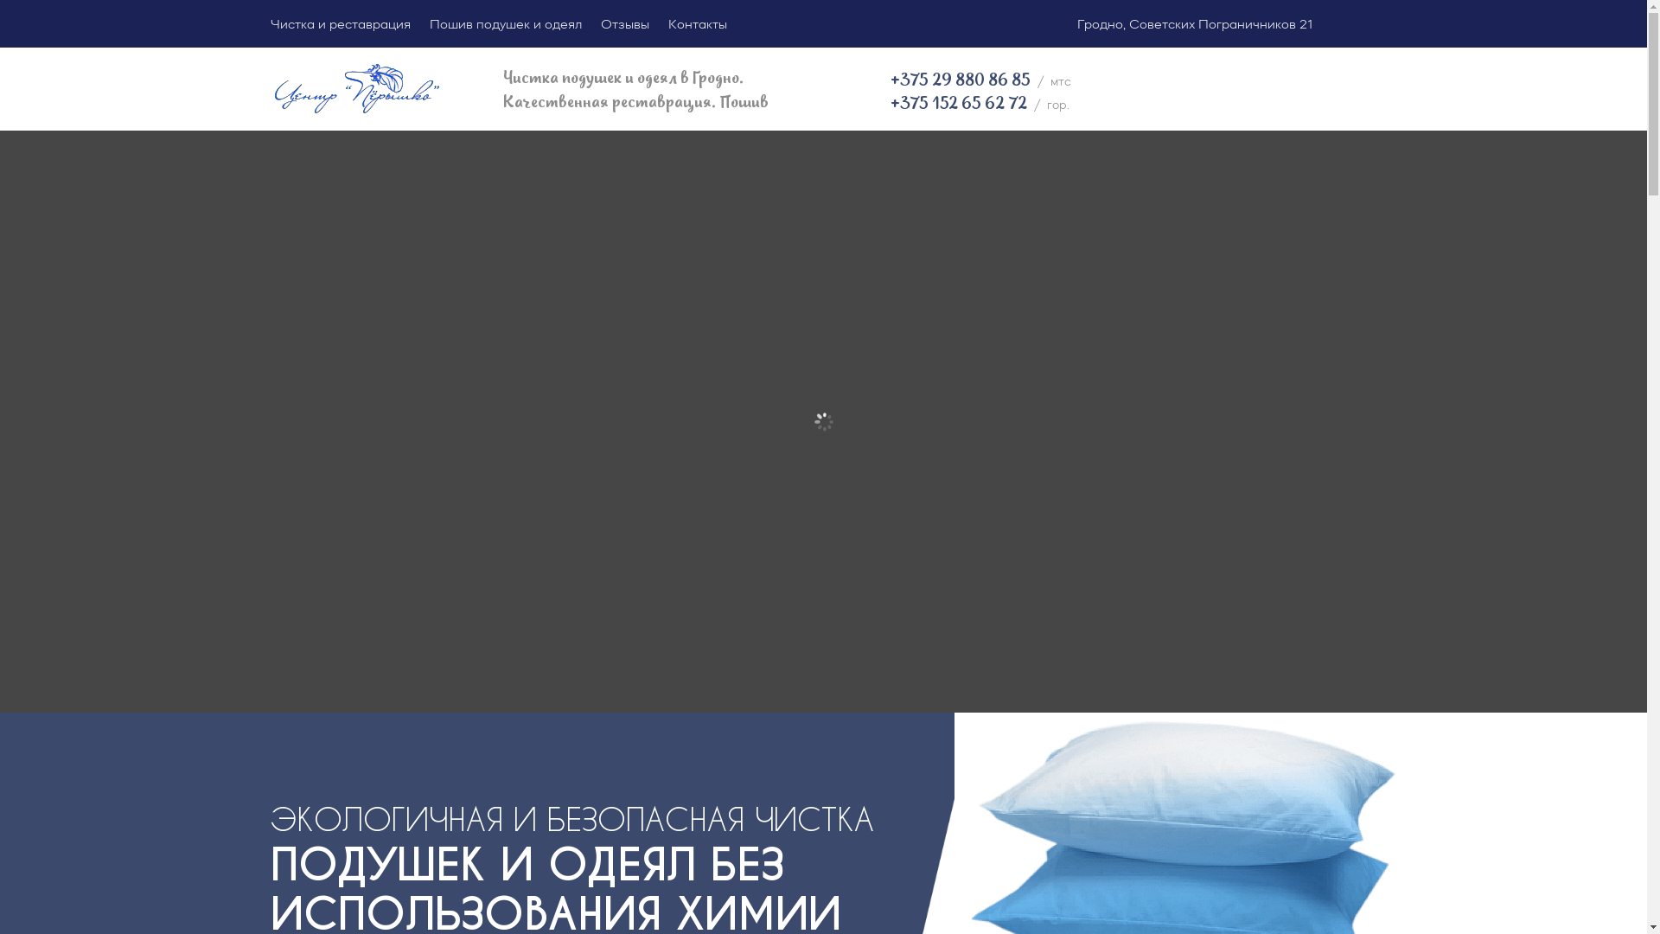 The image size is (1660, 934). I want to click on 'peryshko_logo (2)', so click(355, 90).